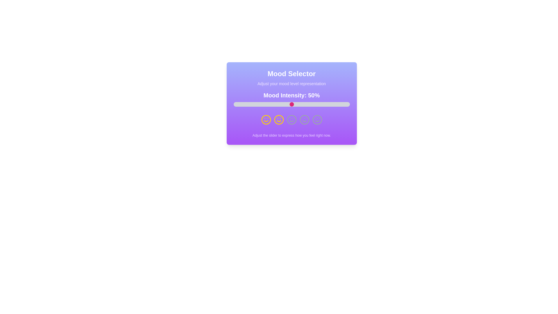 This screenshot has height=314, width=558. Describe the element at coordinates (330, 104) in the screenshot. I see `the mood intensity slider to 83%` at that location.